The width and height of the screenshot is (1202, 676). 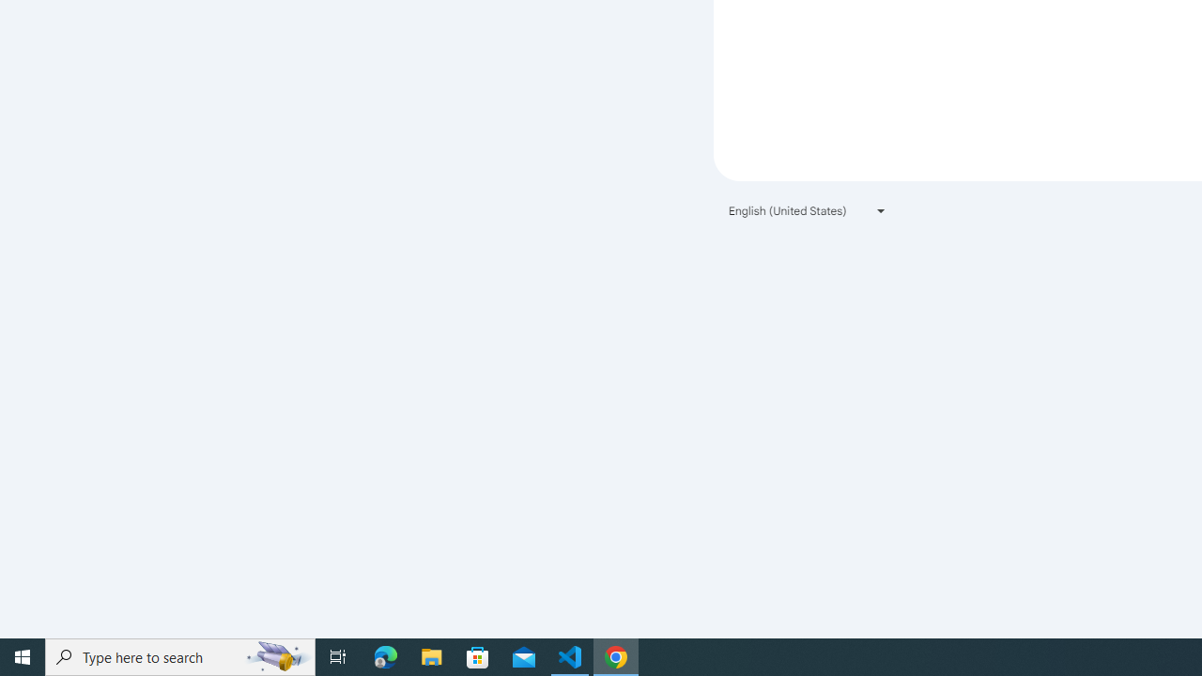 I want to click on 'English (United States)', so click(x=808, y=210).